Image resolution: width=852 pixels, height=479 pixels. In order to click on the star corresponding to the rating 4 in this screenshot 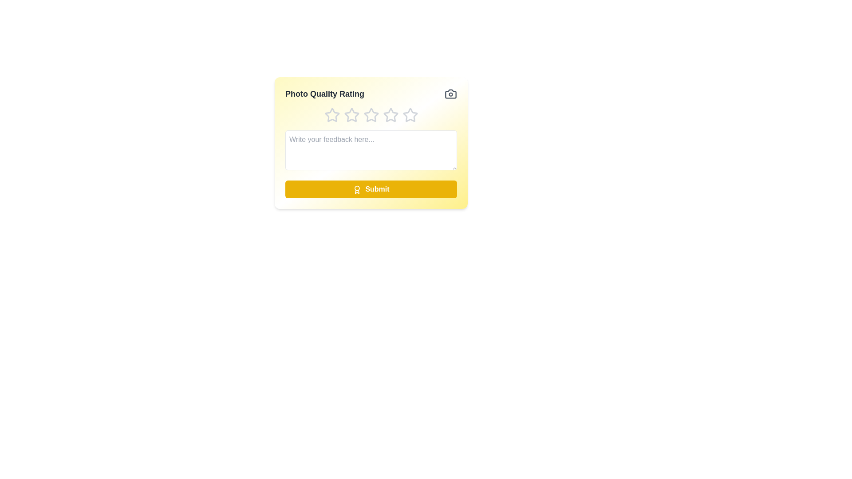, I will do `click(390, 114)`.